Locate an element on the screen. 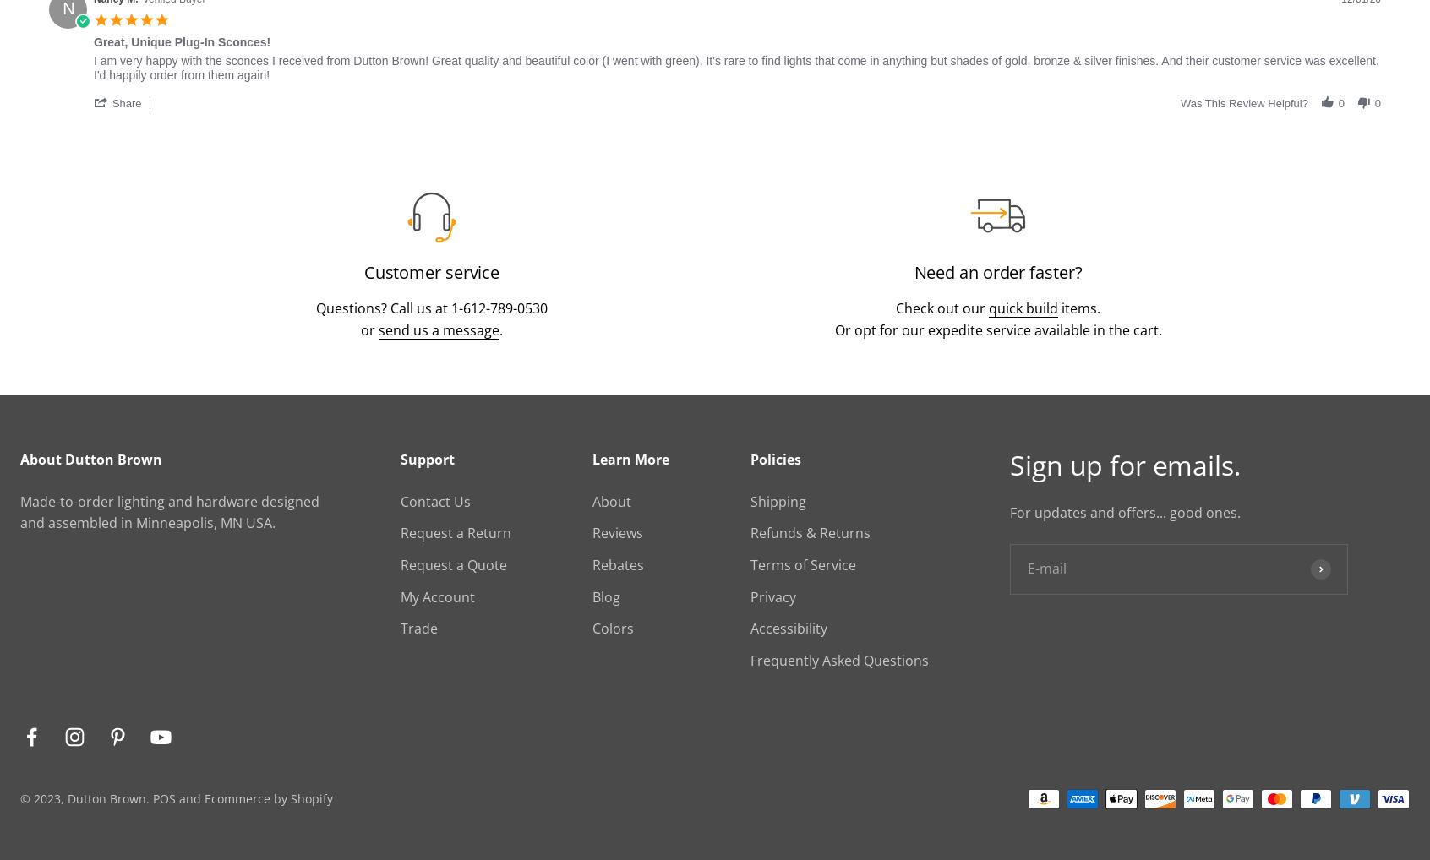 This screenshot has width=1430, height=860. 'Made-to-order lighting and hardware designed and assembled in Minneapolis, MN USA.' is located at coordinates (169, 512).